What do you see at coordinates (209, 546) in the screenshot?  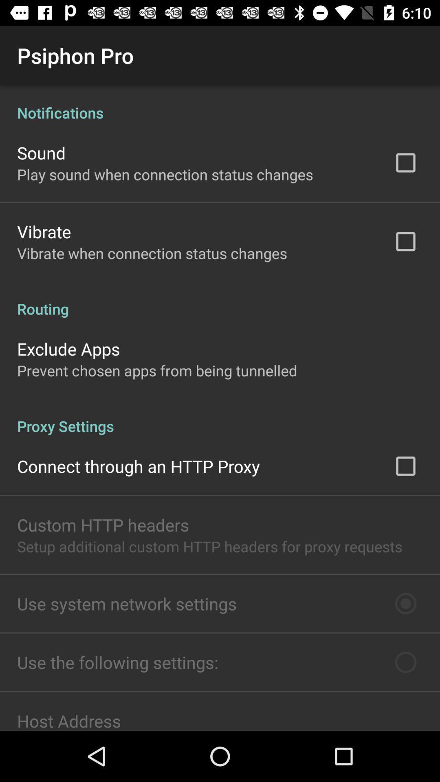 I see `item below the custom http headers app` at bounding box center [209, 546].